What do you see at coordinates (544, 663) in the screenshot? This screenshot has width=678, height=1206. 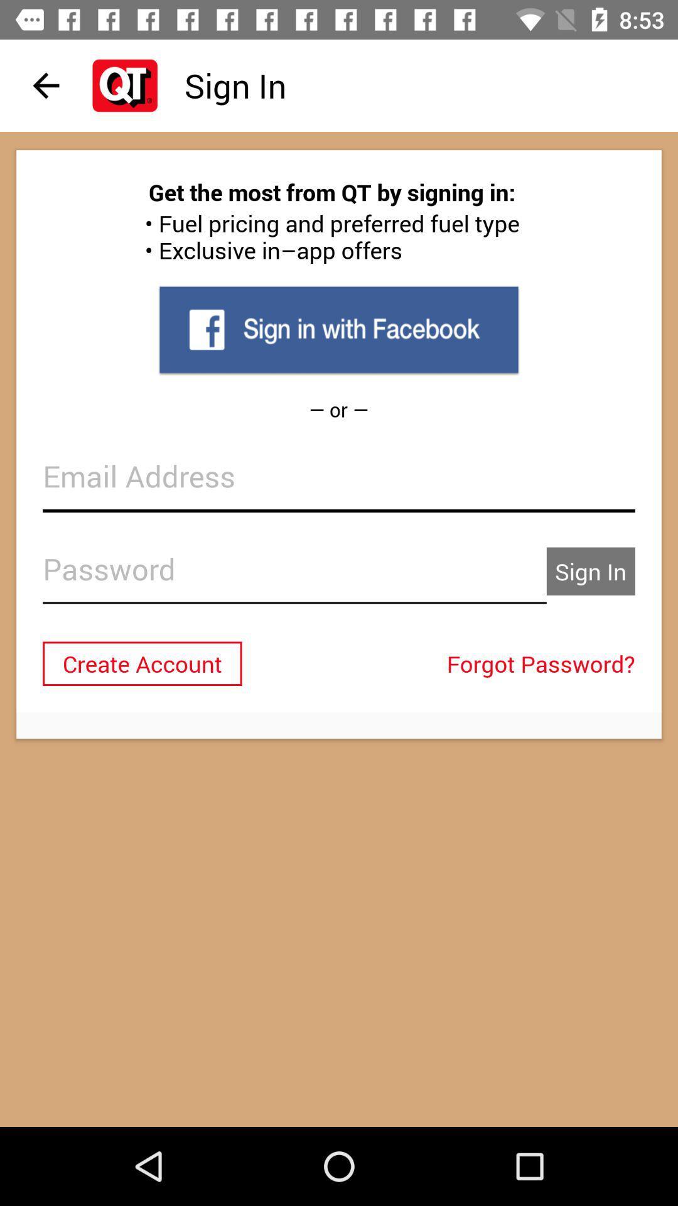 I see `item to the right of create account icon` at bounding box center [544, 663].